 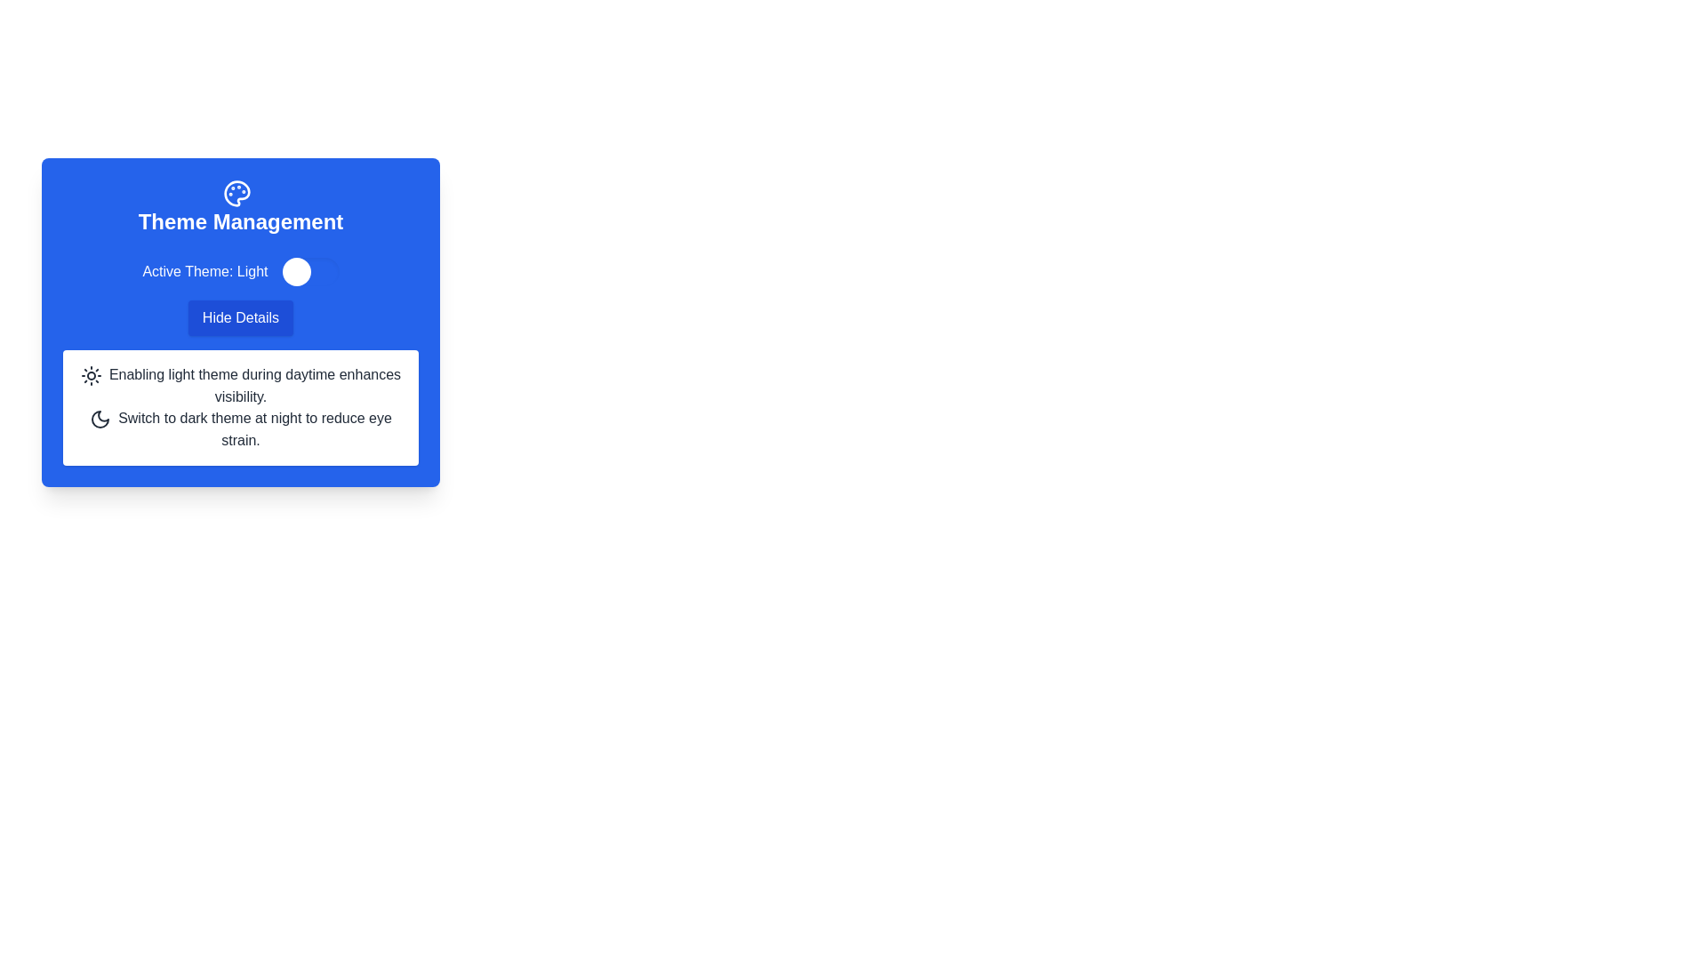 What do you see at coordinates (254, 428) in the screenshot?
I see `the text label reading 'Switch to dark theme at night to reduce eye strain.' which is styled in a dark font beneath the text about the light theme and beside a moon icon` at bounding box center [254, 428].